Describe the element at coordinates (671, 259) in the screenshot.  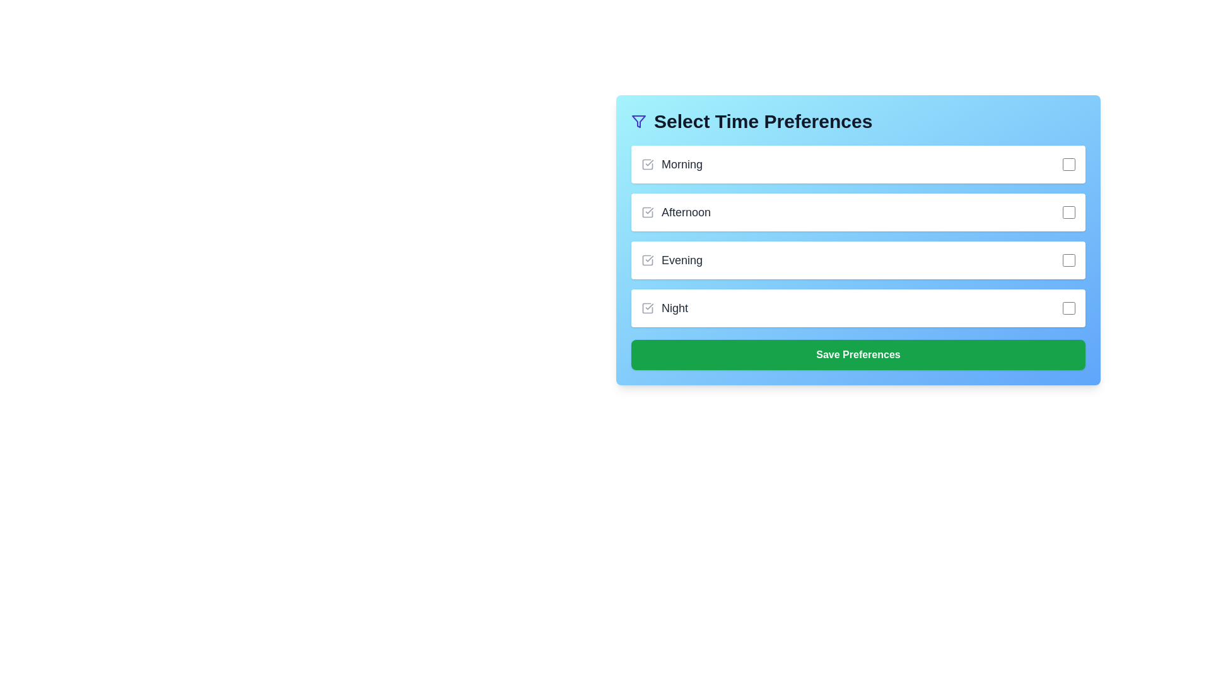
I see `text of the label that indicates the 'Evening' time preference, which is the third item in the vertical list of options for time preferences` at that location.